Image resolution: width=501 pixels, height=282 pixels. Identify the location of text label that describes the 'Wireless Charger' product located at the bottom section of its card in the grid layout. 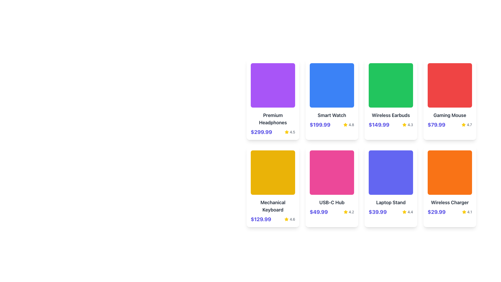
(449, 202).